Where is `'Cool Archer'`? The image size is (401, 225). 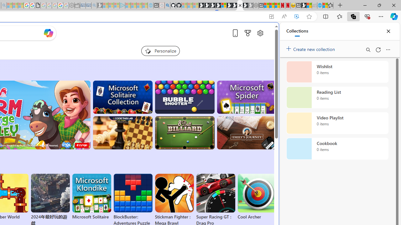
'Cool Archer' is located at coordinates (257, 197).